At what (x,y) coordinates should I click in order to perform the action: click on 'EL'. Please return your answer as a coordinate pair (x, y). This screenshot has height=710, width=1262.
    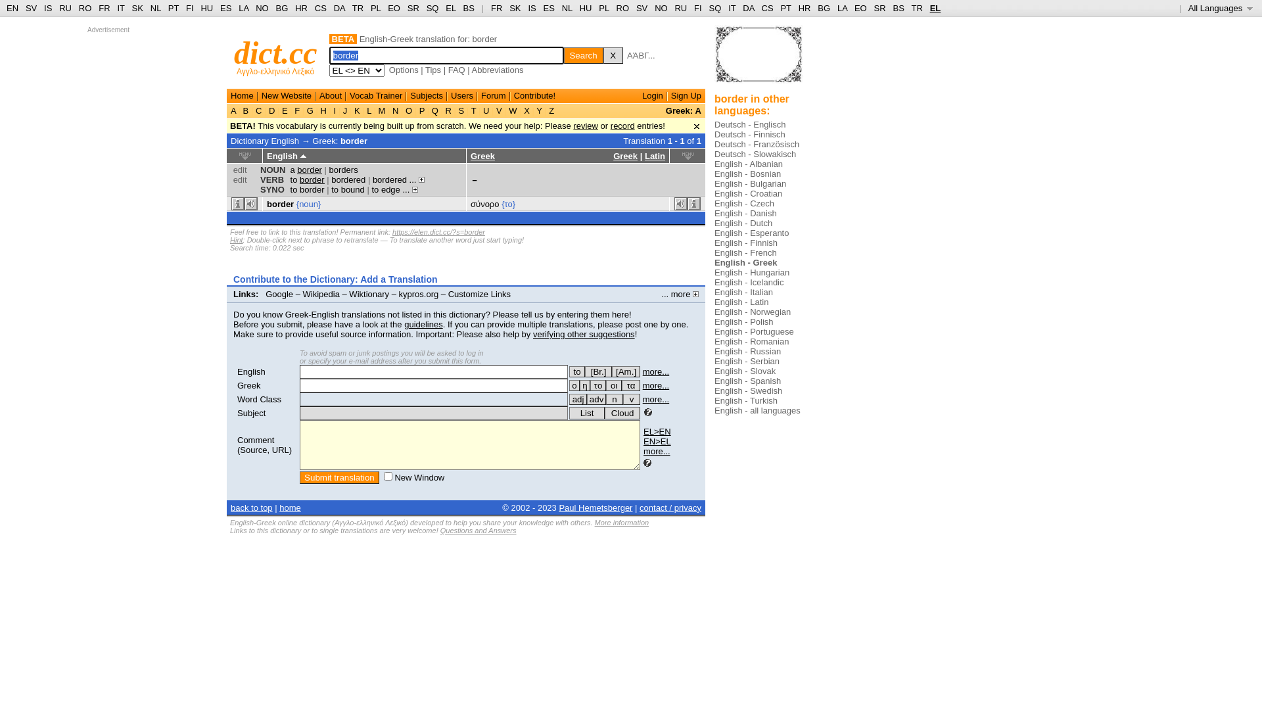
    Looking at the image, I should click on (929, 8).